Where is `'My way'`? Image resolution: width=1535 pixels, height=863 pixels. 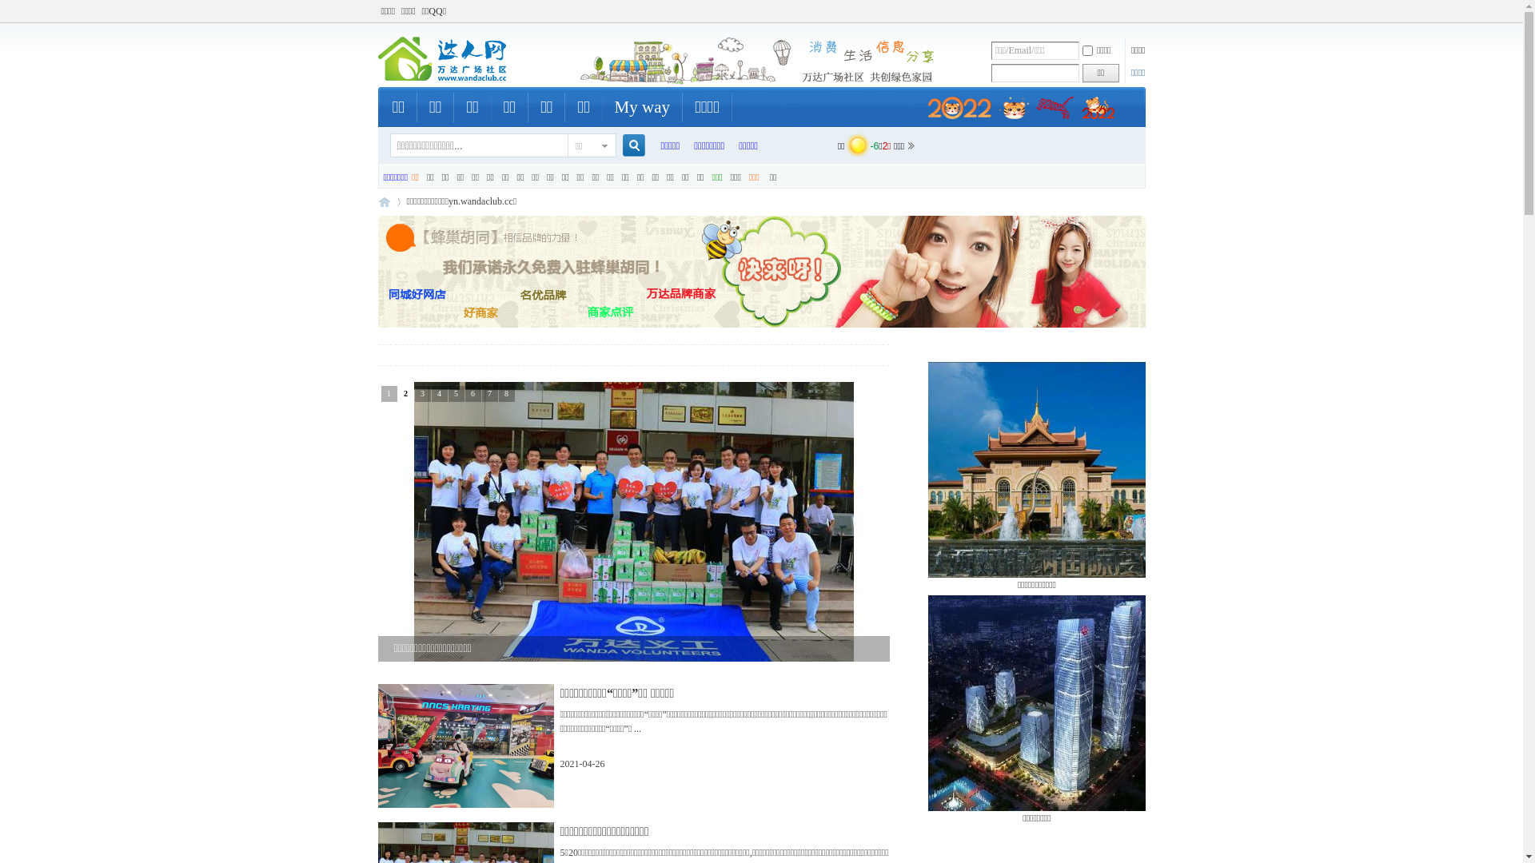
'My way' is located at coordinates (642, 107).